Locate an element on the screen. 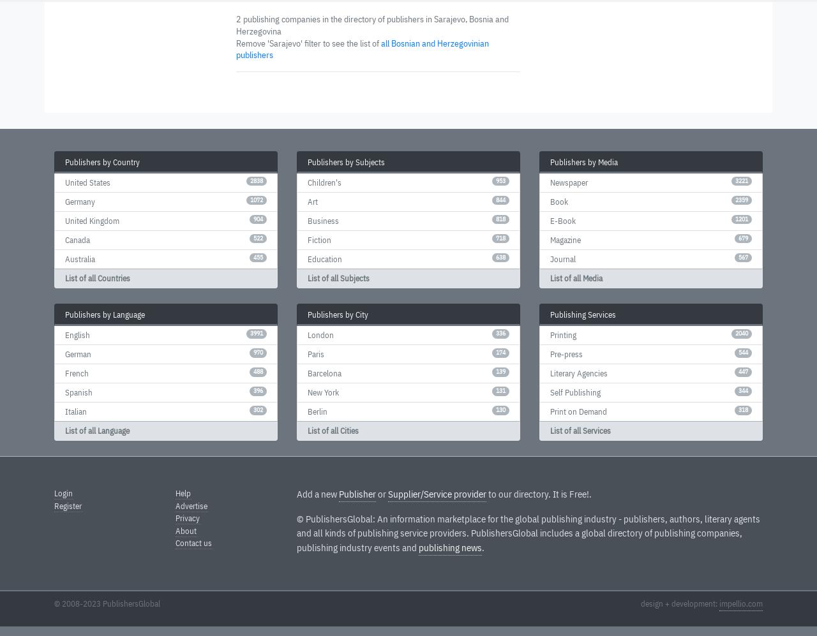  'List of all Countries' is located at coordinates (96, 277).